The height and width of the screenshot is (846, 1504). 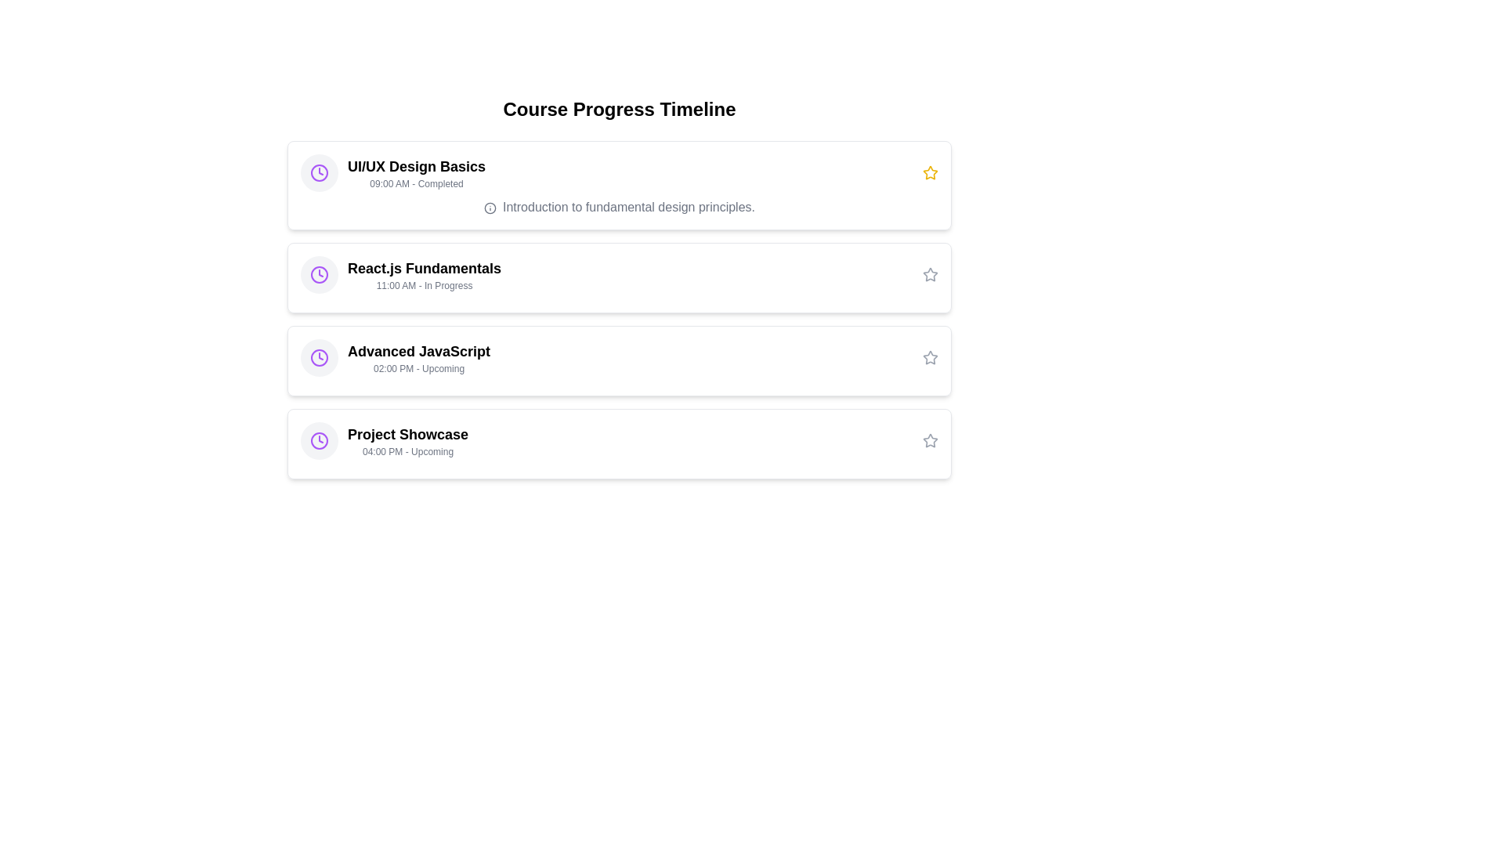 I want to click on the course details card located below the 'UI/UX Design Basics' card and above the 'Advanced JavaScript' card in the vertically stacked list, so click(x=619, y=277).